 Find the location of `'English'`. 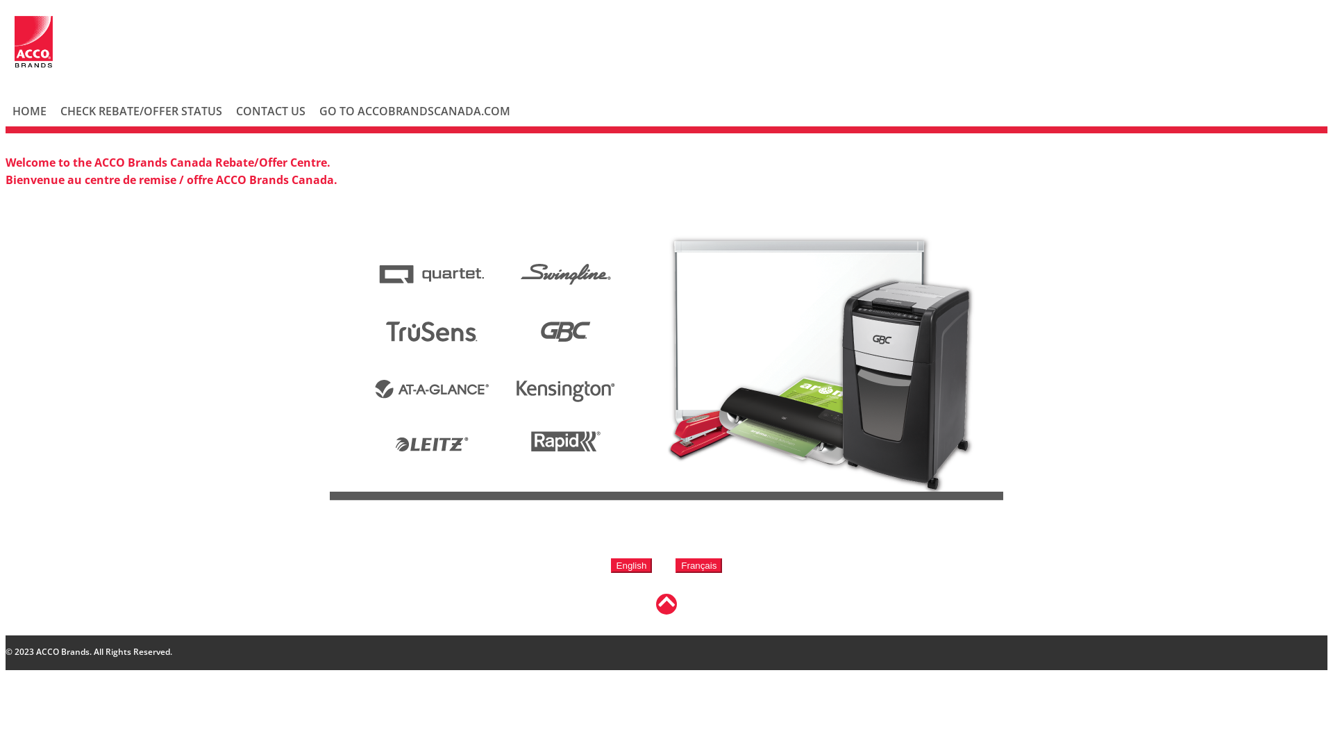

'English' is located at coordinates (631, 565).